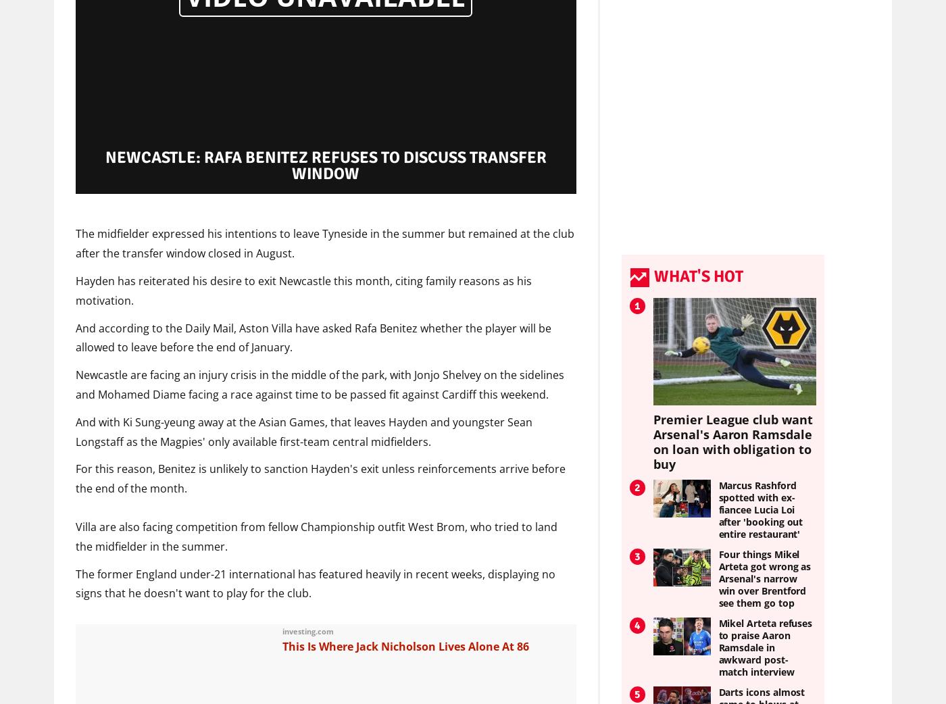 The image size is (946, 704). What do you see at coordinates (634, 305) in the screenshot?
I see `'1'` at bounding box center [634, 305].